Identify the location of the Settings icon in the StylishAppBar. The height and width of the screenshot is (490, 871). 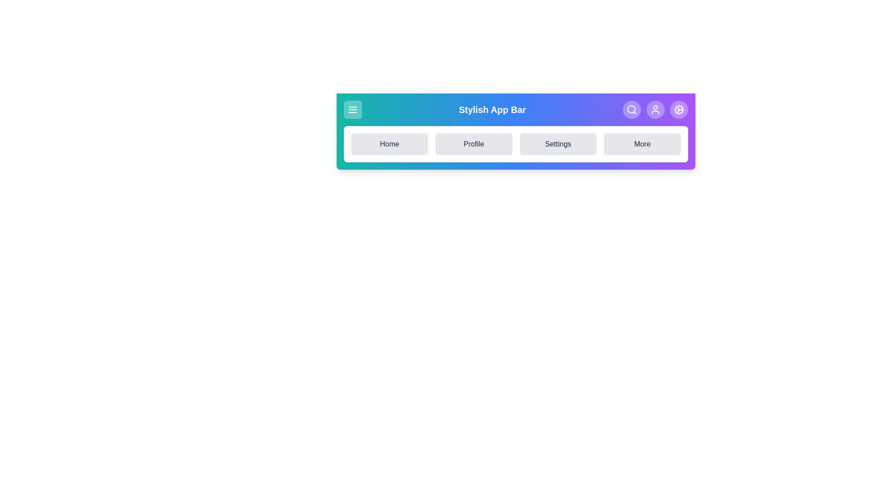
(679, 109).